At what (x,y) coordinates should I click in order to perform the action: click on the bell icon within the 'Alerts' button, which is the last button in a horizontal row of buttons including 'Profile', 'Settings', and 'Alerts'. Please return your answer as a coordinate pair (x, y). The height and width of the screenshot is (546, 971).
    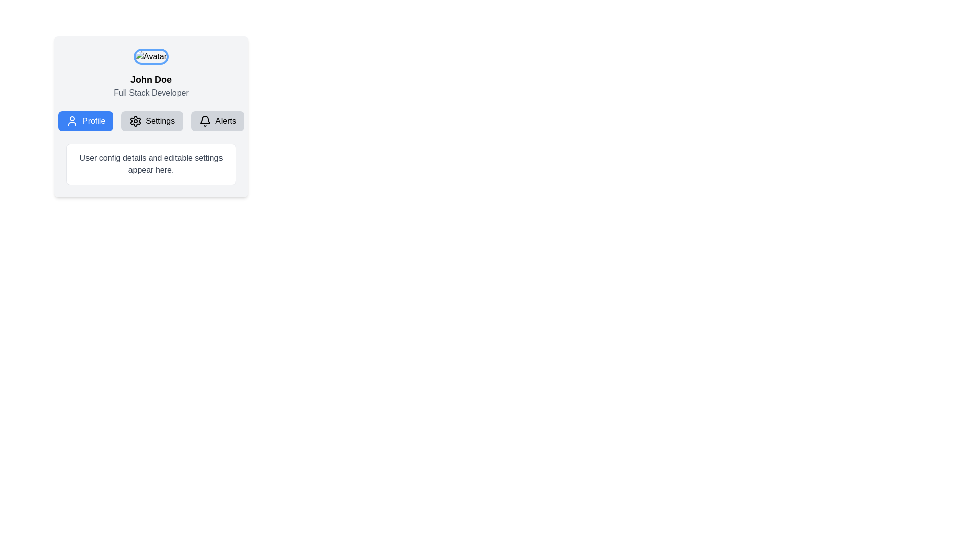
    Looking at the image, I should click on (205, 120).